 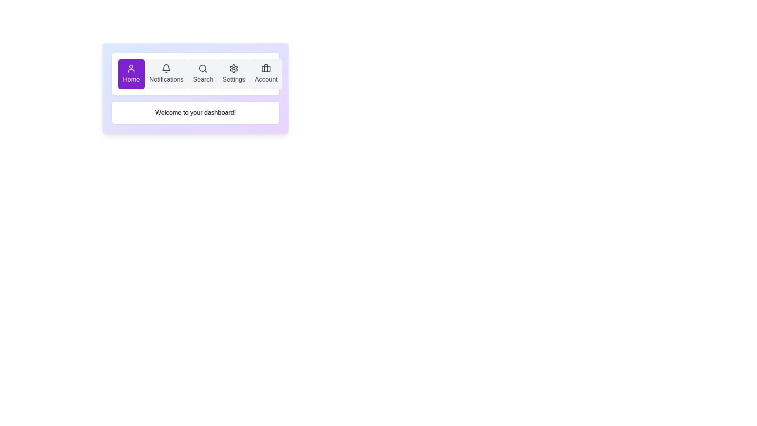 I want to click on the navigation panel located beneath the navigation bar and above the message section, so click(x=195, y=99).